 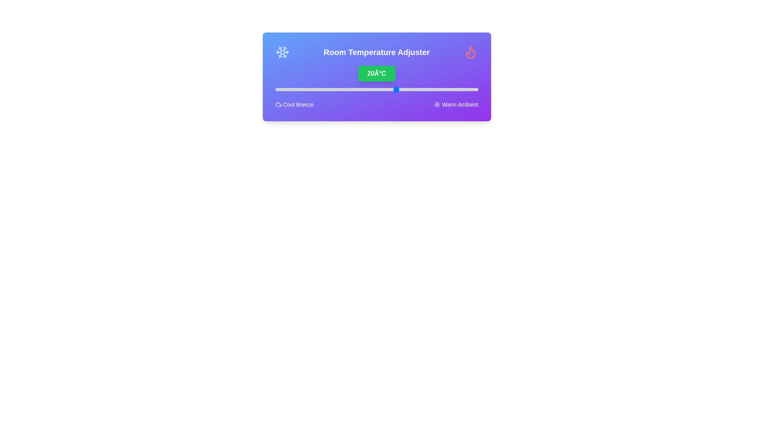 I want to click on the temperature slider to set the temperature to 0°C, so click(x=315, y=89).